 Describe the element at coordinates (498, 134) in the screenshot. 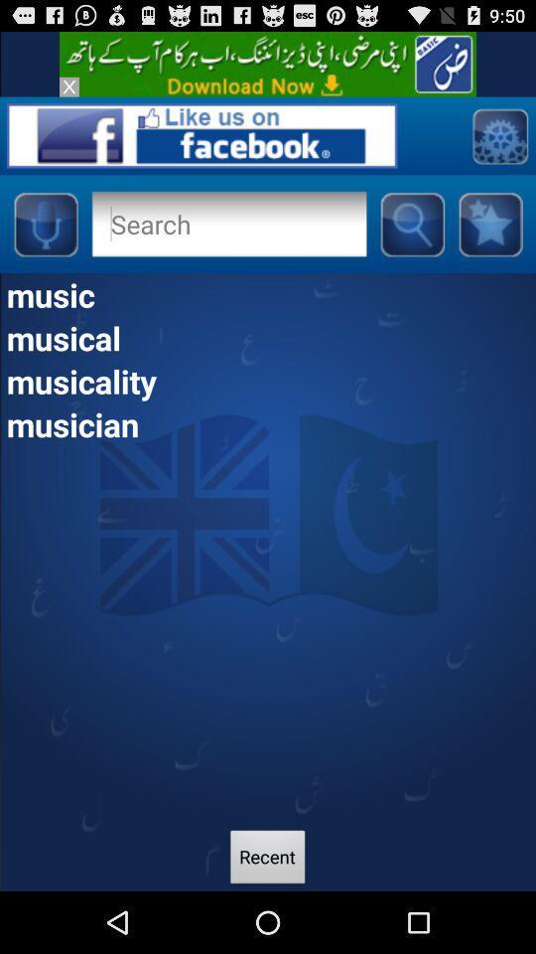

I see `settings` at that location.